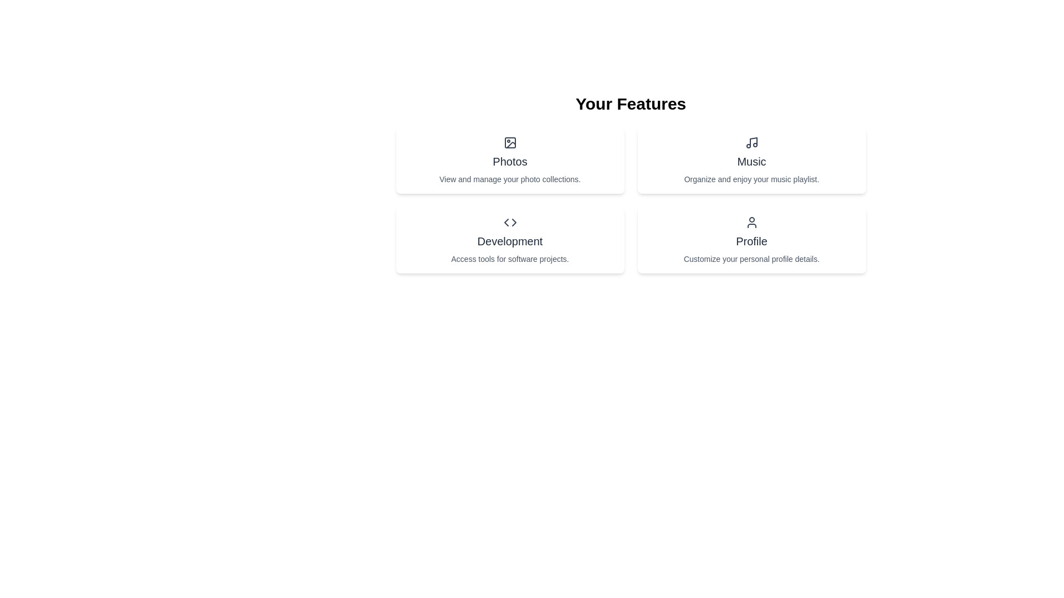 This screenshot has height=598, width=1064. Describe the element at coordinates (751, 259) in the screenshot. I see `the static text label that provides information about customizing personal profile details in the 'Profile' section, located below the title 'Profile' within a bordered white background card` at that location.